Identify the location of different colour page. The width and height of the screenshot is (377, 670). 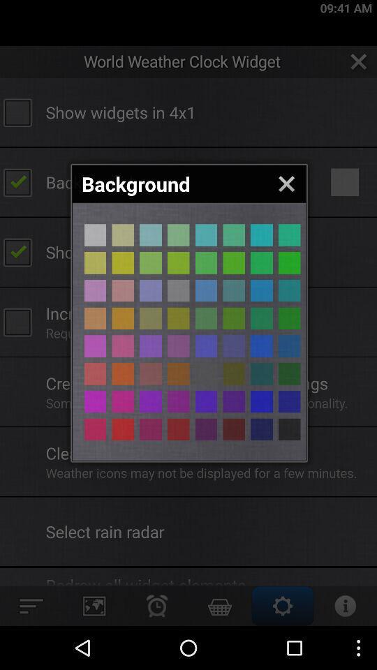
(123, 290).